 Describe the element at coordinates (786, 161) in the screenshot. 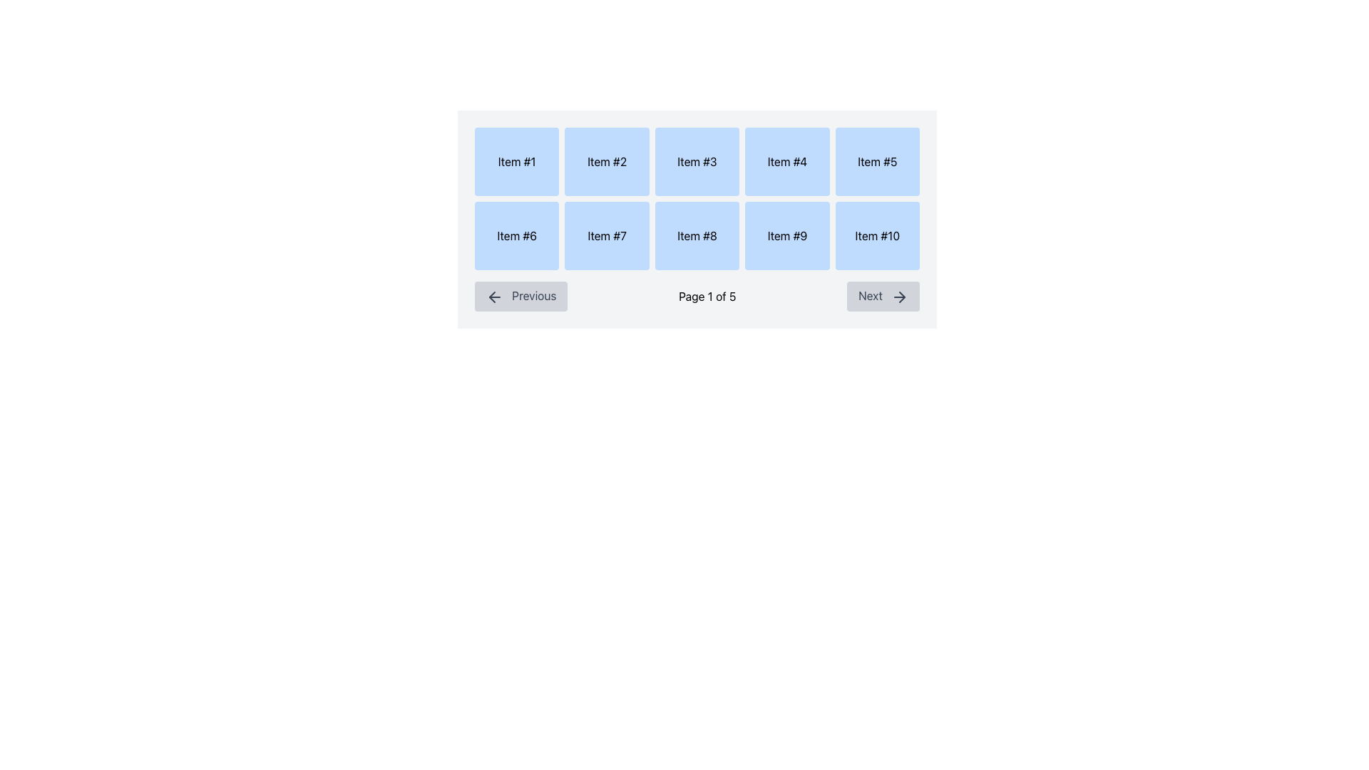

I see `the static text card that is the fourth item in a grid of ten items, located in the upper-center area of the interface` at that location.